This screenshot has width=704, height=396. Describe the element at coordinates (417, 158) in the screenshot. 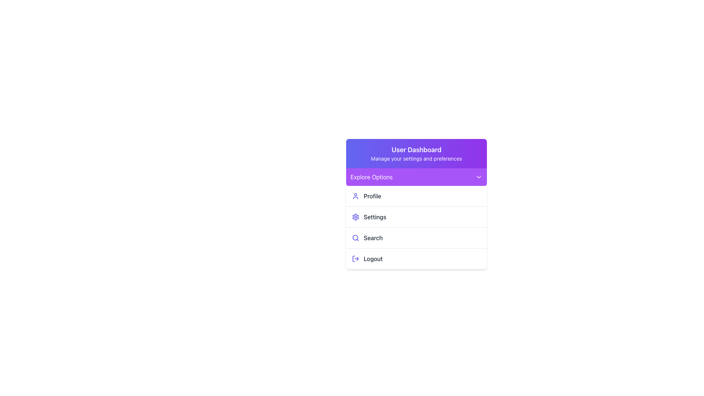

I see `the text label that says 'Manage your settings and preferences', which is located directly beneath the bold title 'User Dashboard' in the header section` at that location.